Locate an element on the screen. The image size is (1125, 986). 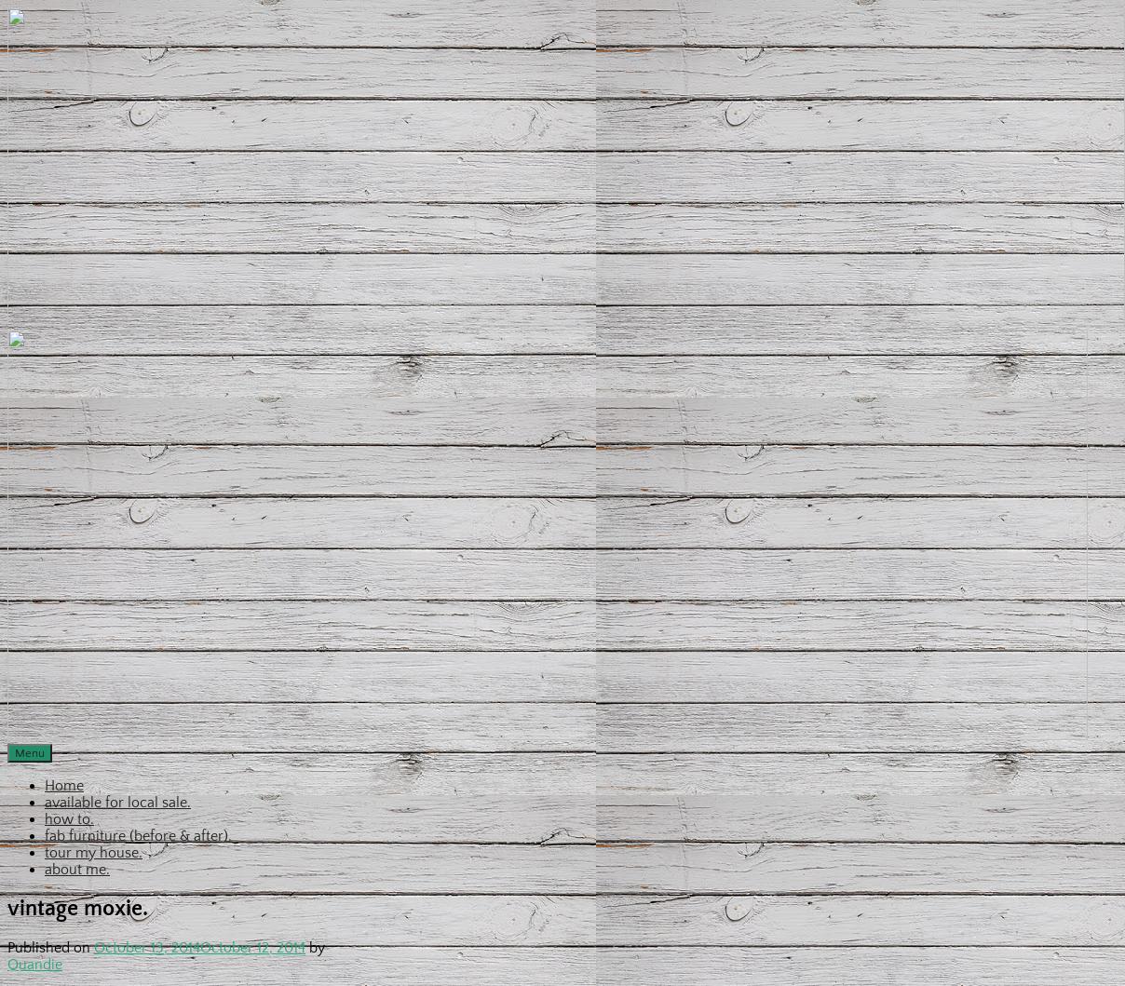
'by' is located at coordinates (307, 945).